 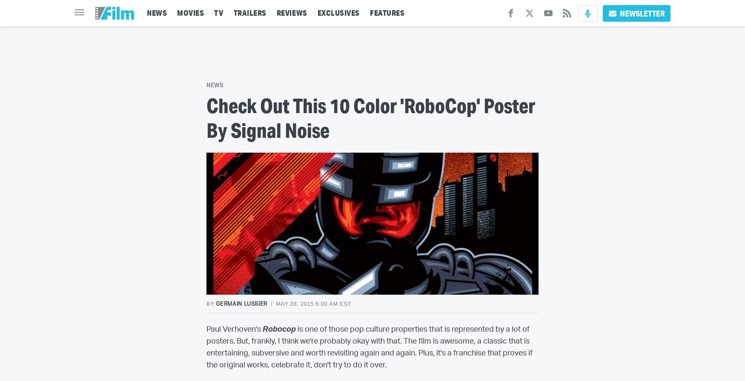 What do you see at coordinates (338, 13) in the screenshot?
I see `'EXCLUSIVES'` at bounding box center [338, 13].